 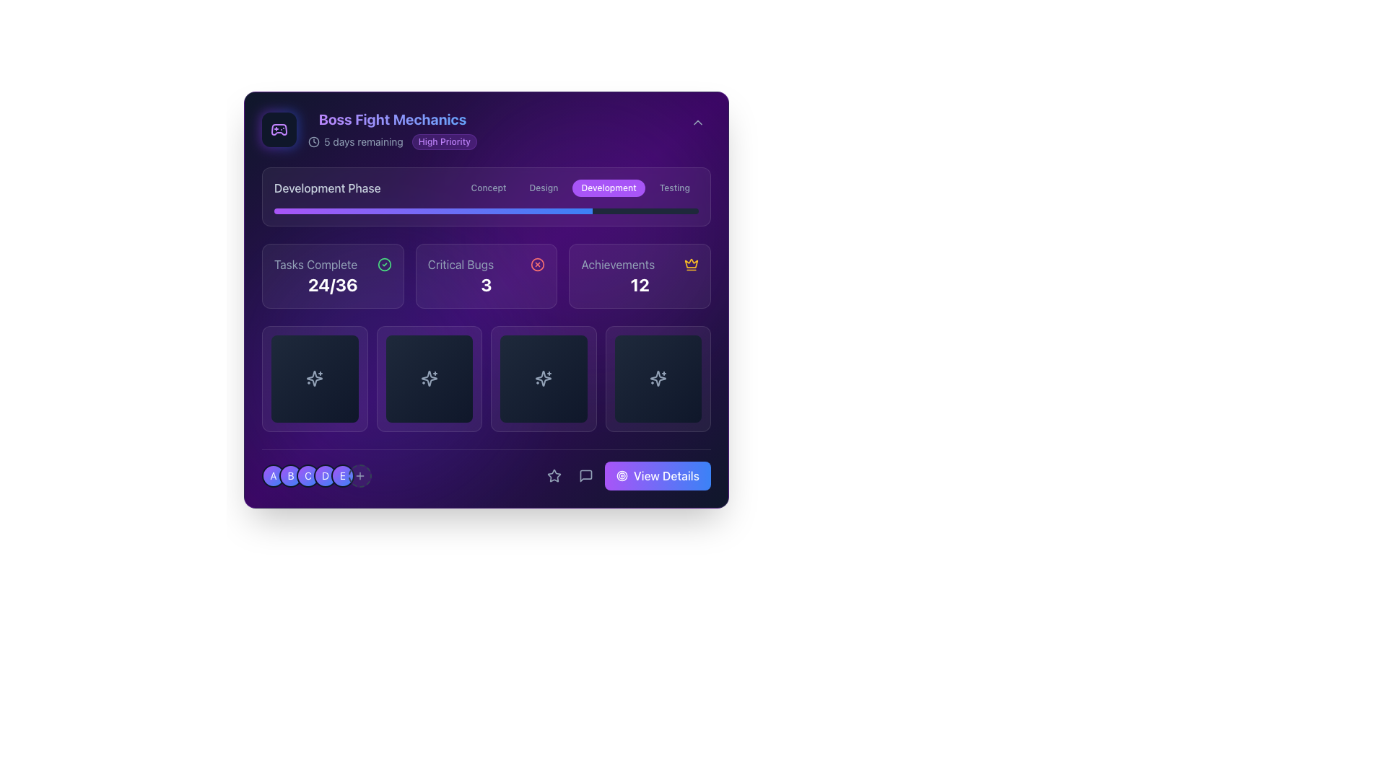 I want to click on the composite text and icon display component for task details that includes a game controller icon, the title 'Boss Fight Mechanics', and additional text indicating '5 days remaining' and 'High Priority', so click(x=370, y=130).